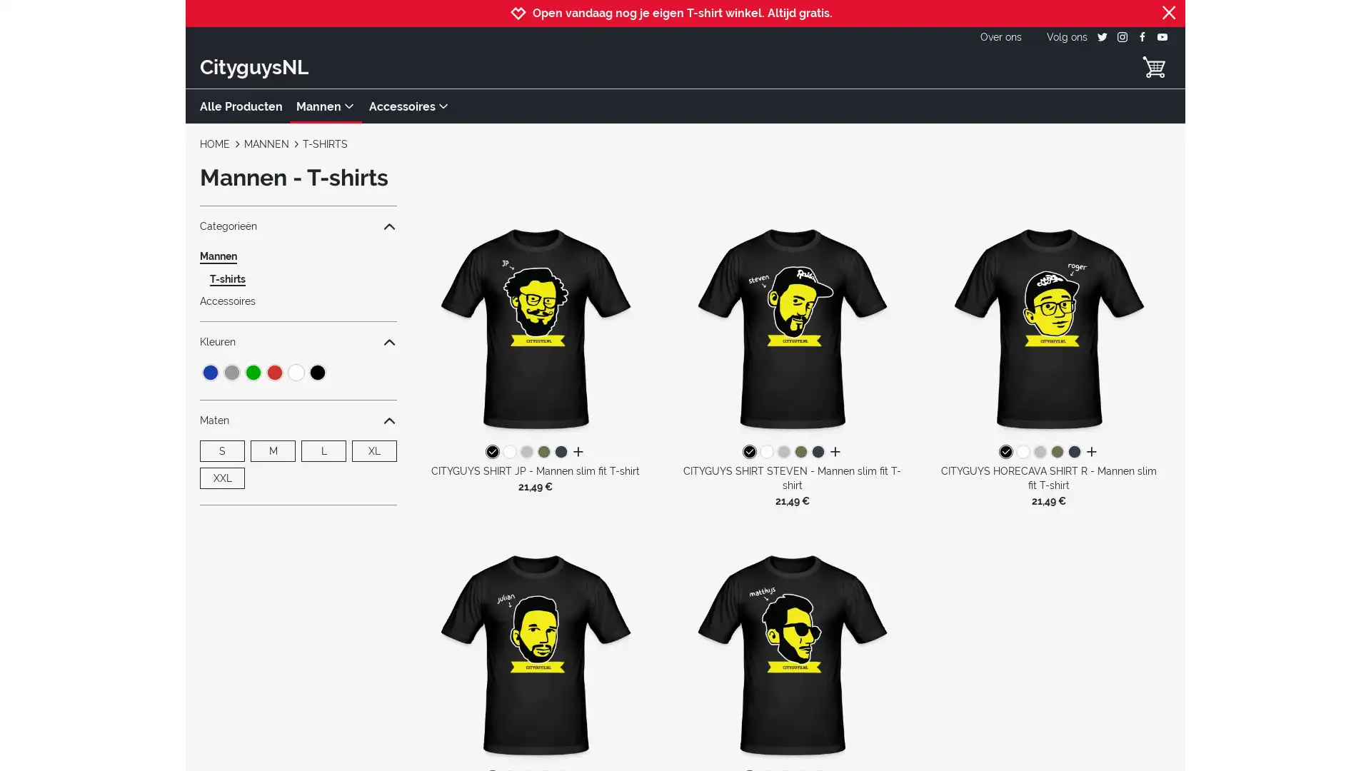 The width and height of the screenshot is (1371, 771). Describe the element at coordinates (790, 652) in the screenshot. I see `CITYGUYS SHIRT MATTHIJS - Mannen slim fit T-shirt` at that location.